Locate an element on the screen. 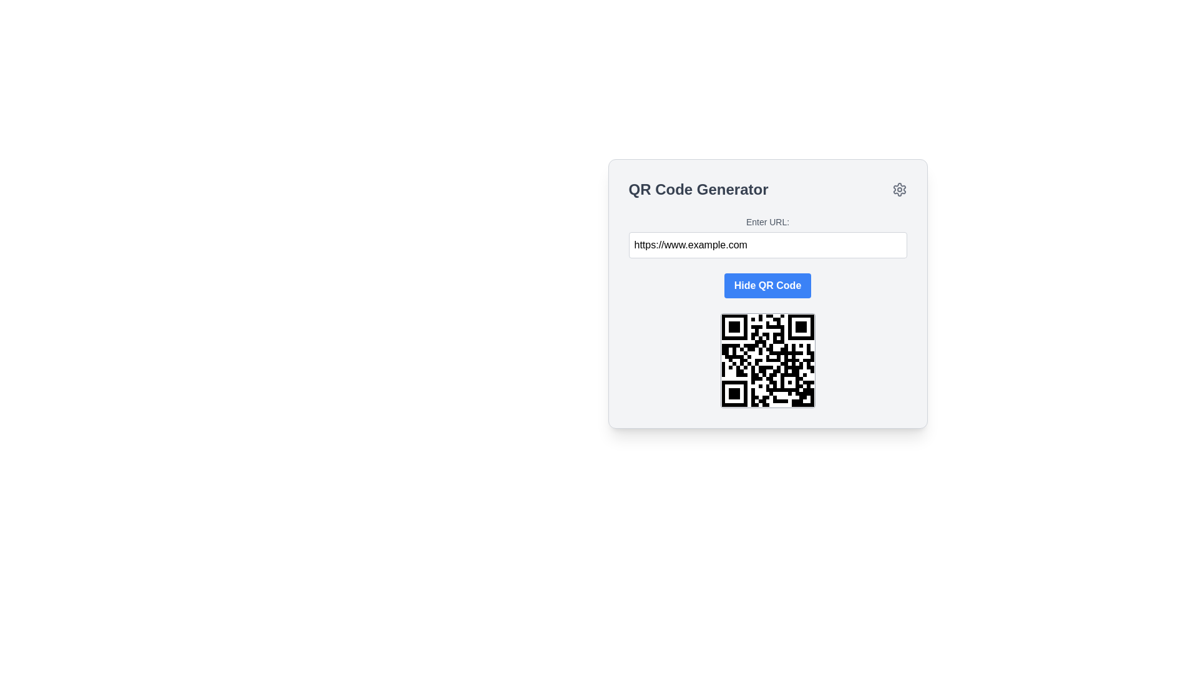 This screenshot has height=674, width=1198. the gear-shaped icon located in the upper right corner of the window is located at coordinates (899, 190).